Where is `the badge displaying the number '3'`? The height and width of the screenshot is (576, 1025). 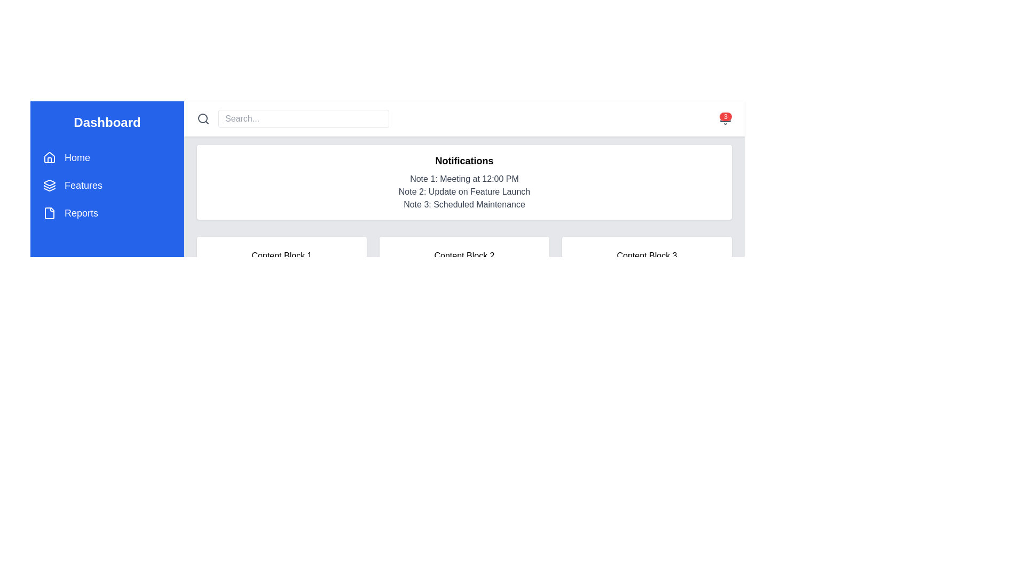 the badge displaying the number '3' is located at coordinates (726, 117).